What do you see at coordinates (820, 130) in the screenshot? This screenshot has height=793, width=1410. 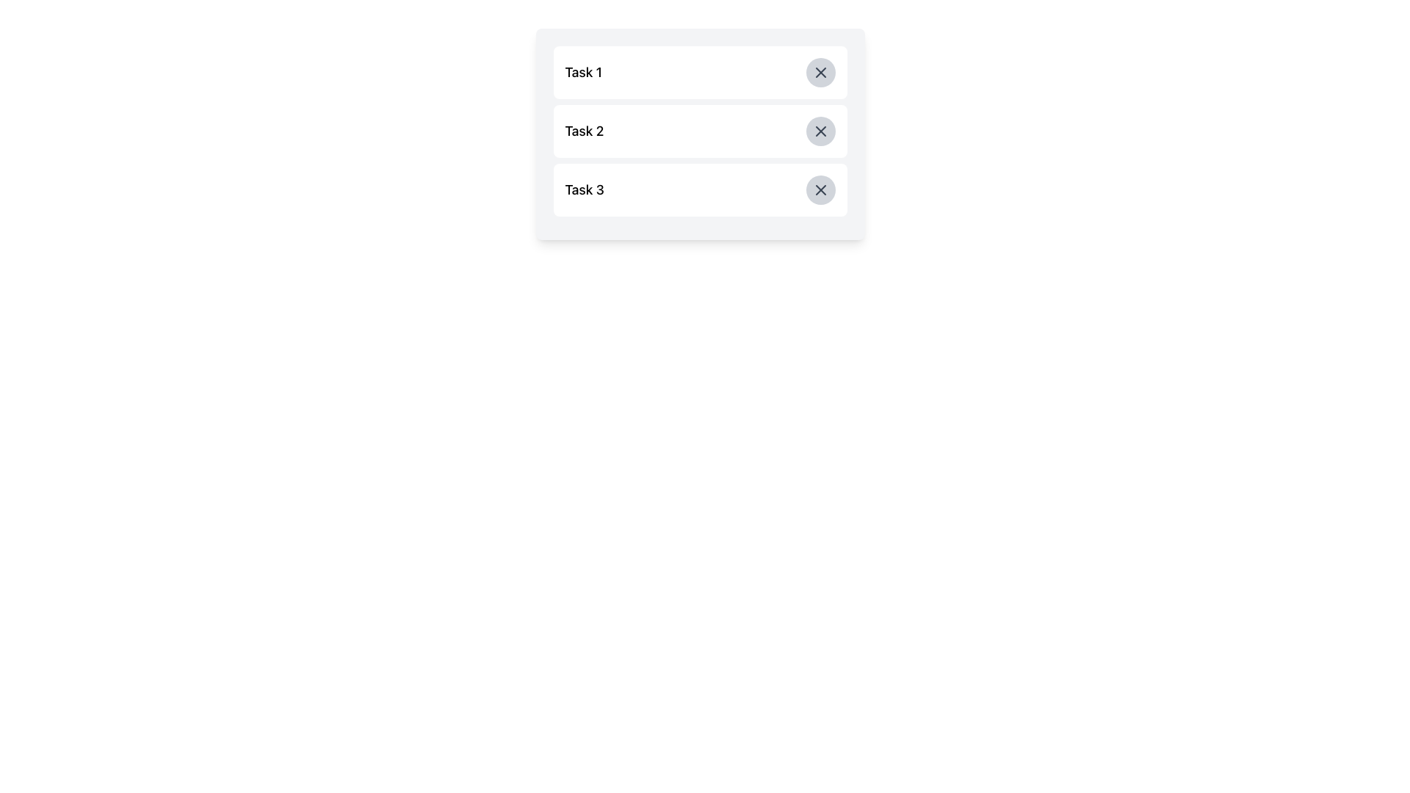 I see `the second button aligned vertically in the task list` at bounding box center [820, 130].